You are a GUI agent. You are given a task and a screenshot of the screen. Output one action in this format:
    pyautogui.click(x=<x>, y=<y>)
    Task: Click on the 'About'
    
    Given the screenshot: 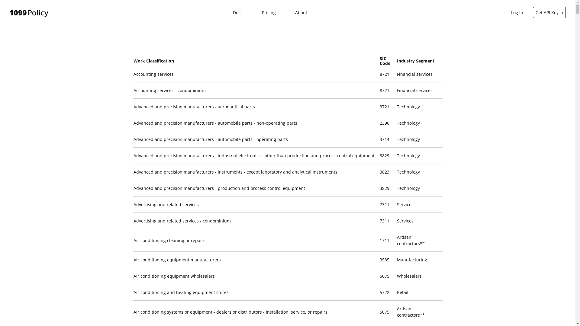 What is the action you would take?
    pyautogui.click(x=301, y=12)
    